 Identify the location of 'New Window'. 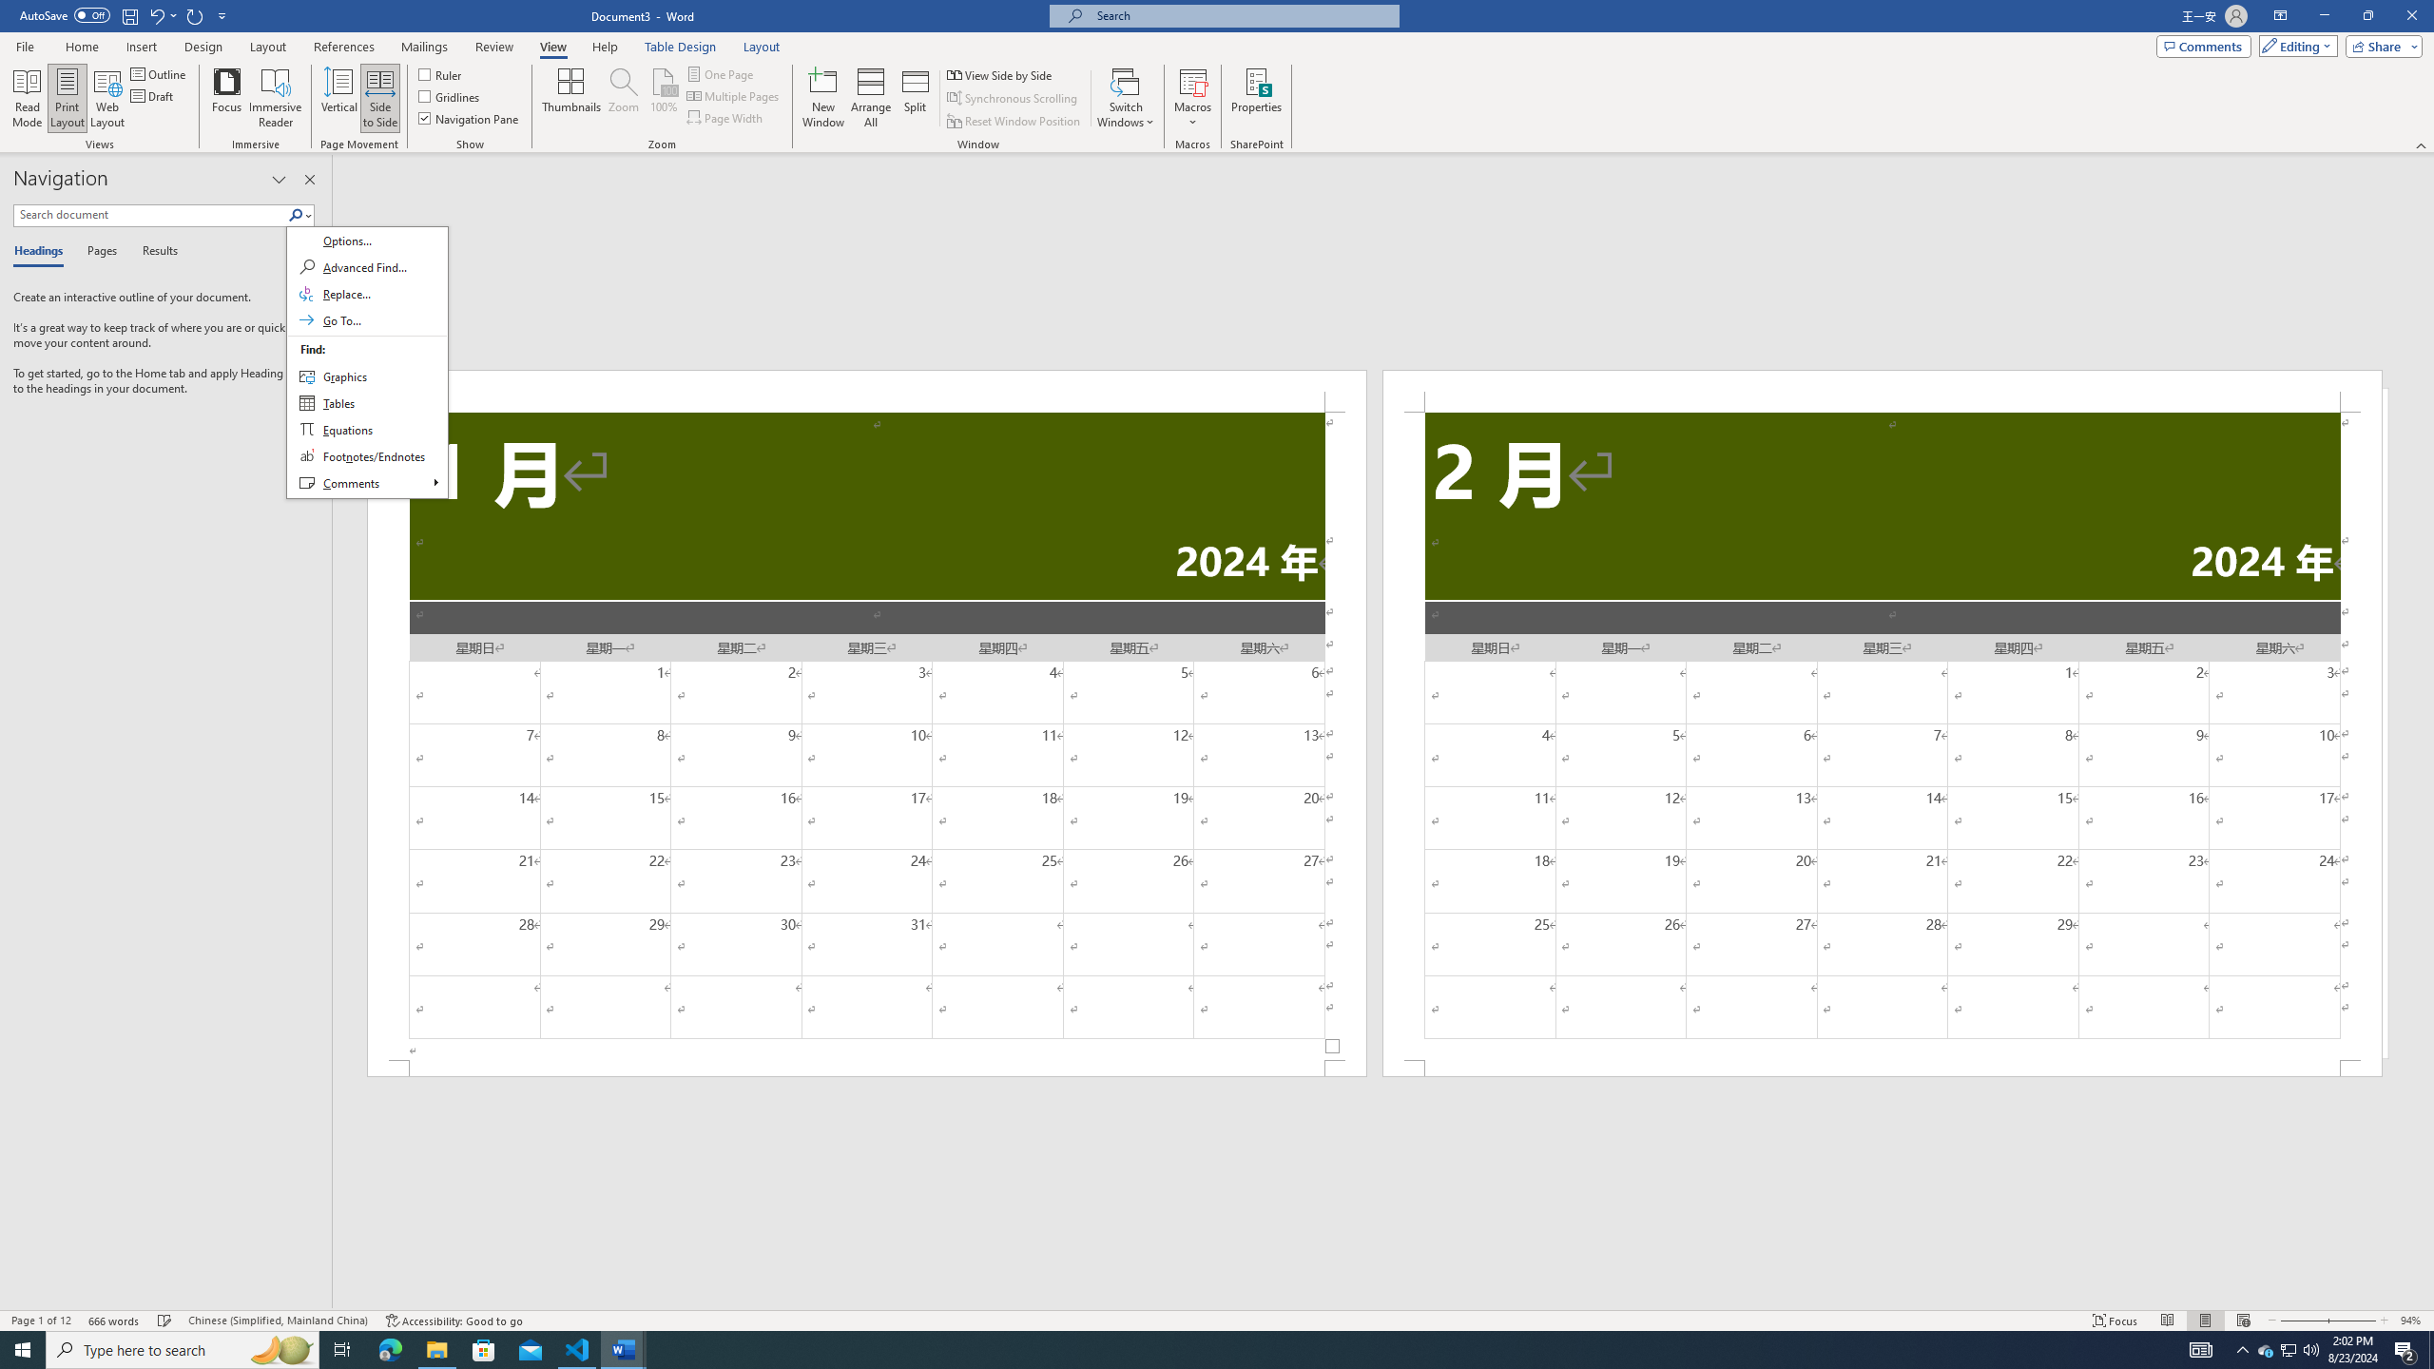
(822, 98).